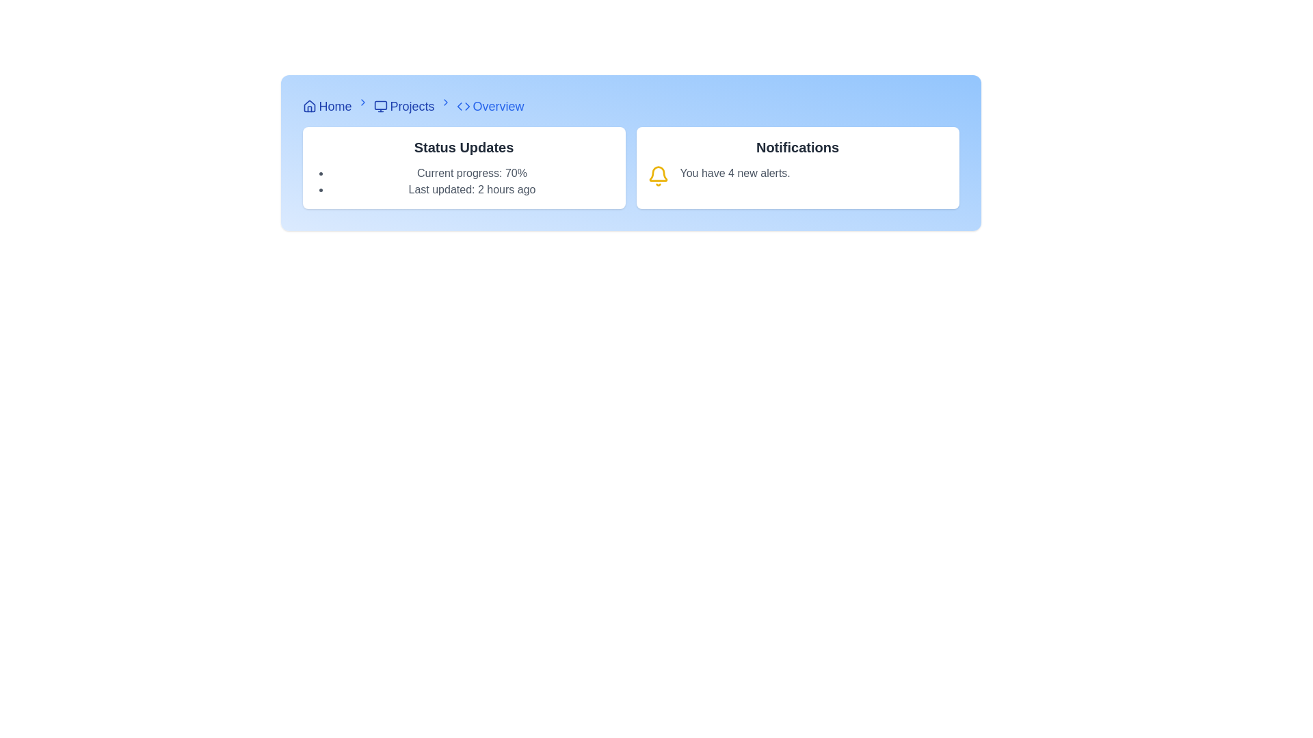 The image size is (1313, 738). Describe the element at coordinates (326, 105) in the screenshot. I see `the 'Home' hyperlink, which is styled in blue with a house-shaped icon to observe its interactive styling` at that location.